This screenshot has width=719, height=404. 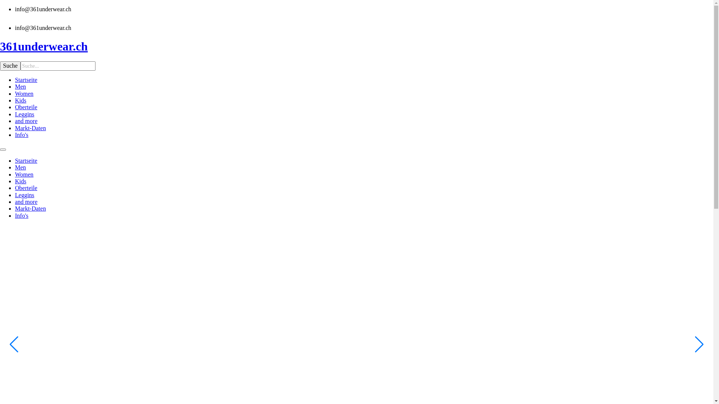 What do you see at coordinates (356, 46) in the screenshot?
I see `'361underwear.ch'` at bounding box center [356, 46].